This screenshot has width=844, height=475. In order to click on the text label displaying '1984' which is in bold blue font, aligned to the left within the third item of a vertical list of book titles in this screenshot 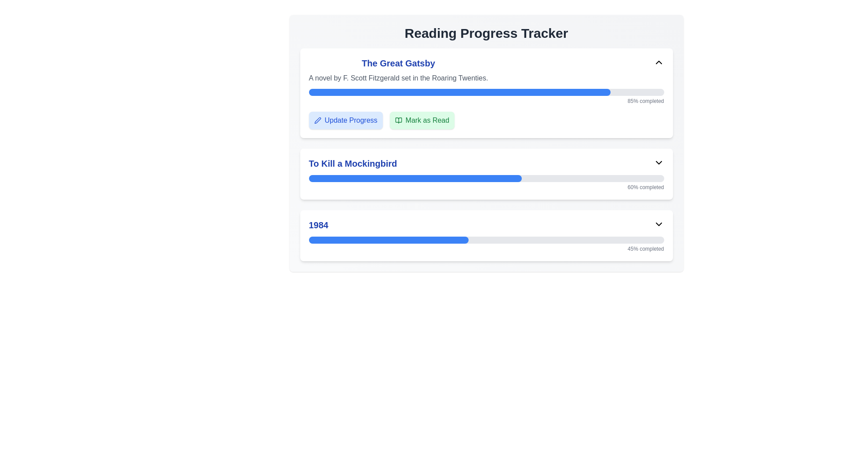, I will do `click(318, 225)`.